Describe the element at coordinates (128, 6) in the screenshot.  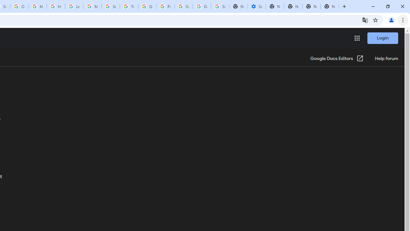
I see `'Trusted Information and Content - Google Safety Center'` at that location.